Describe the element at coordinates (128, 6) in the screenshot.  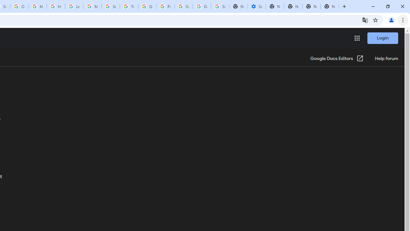
I see `'Trusted Information and Content - Google Safety Center'` at that location.